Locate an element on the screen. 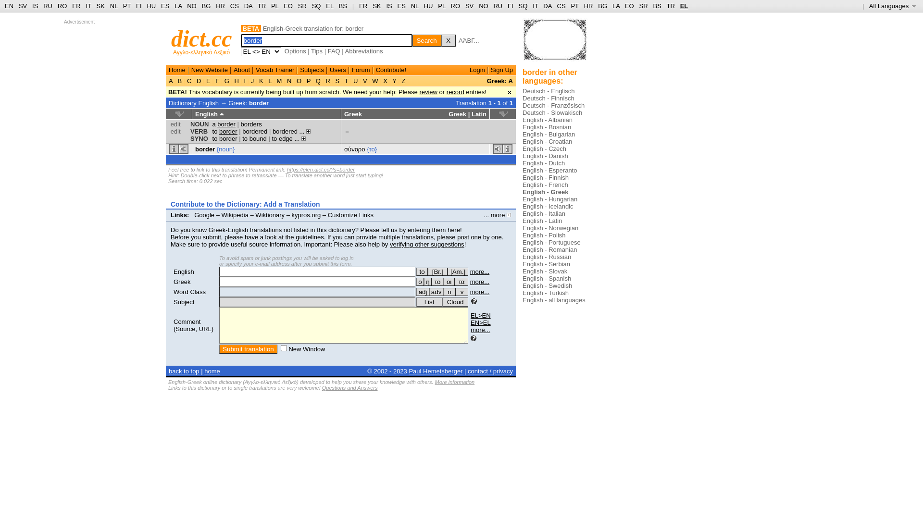 The width and height of the screenshot is (923, 519). '[Br.]' is located at coordinates (427, 272).